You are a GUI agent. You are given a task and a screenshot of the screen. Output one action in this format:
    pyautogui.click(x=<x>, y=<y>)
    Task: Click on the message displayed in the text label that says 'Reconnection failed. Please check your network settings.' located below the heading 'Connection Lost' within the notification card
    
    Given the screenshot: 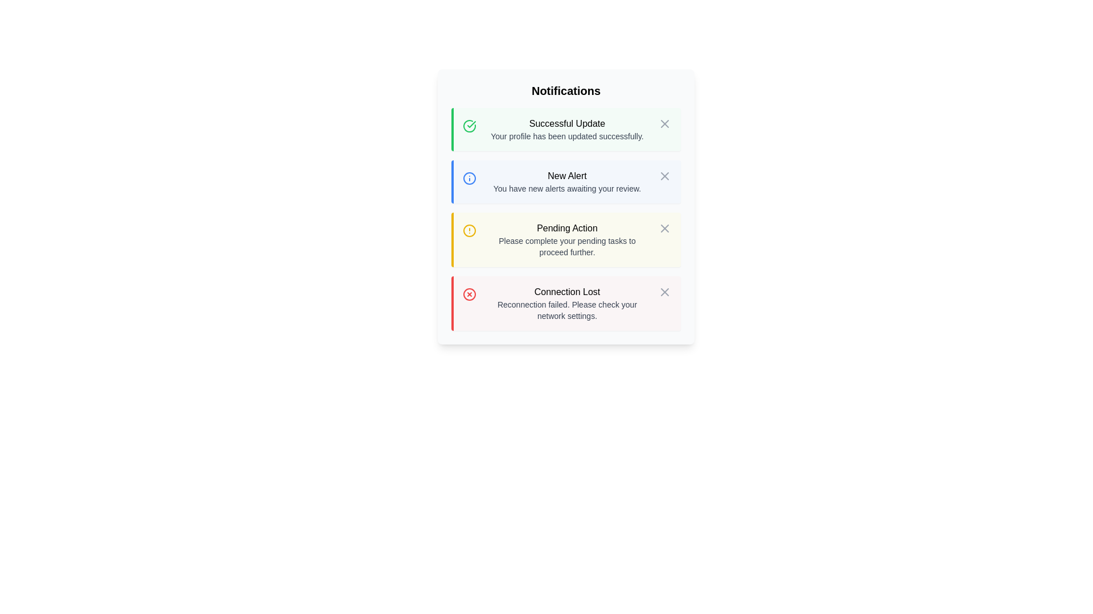 What is the action you would take?
    pyautogui.click(x=567, y=310)
    